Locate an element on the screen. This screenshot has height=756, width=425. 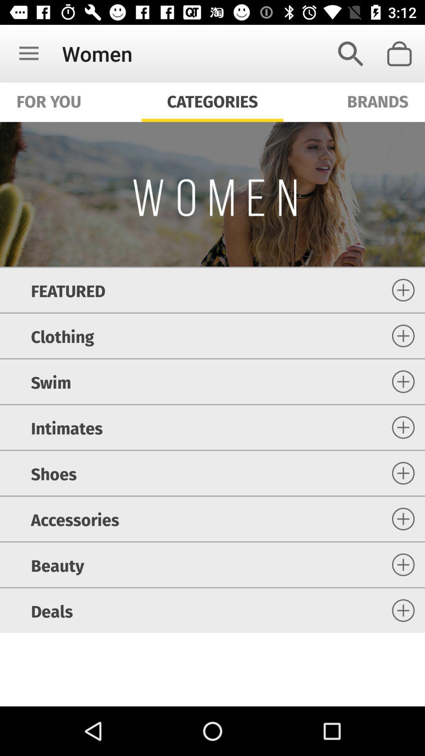
the featured icon is located at coordinates (68, 289).